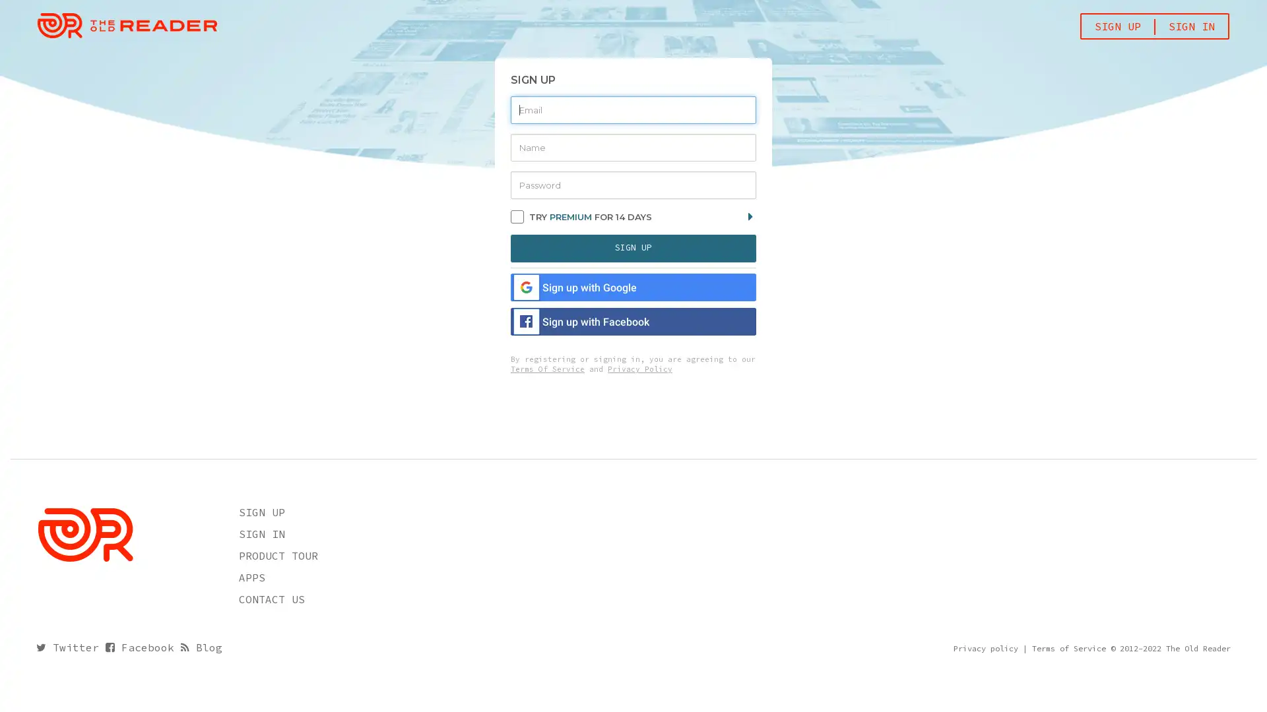 The height and width of the screenshot is (712, 1267). I want to click on PREMIUM, so click(570, 215).